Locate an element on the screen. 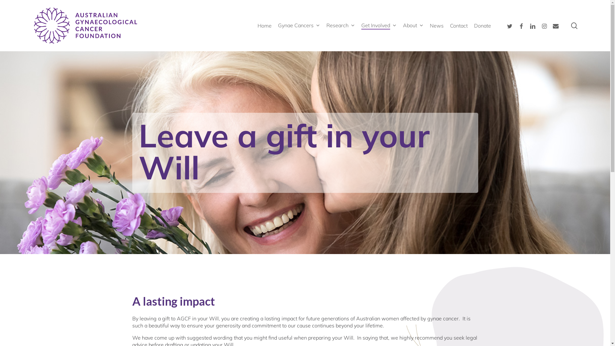 The height and width of the screenshot is (346, 615). 'Get Involved' is located at coordinates (379, 25).